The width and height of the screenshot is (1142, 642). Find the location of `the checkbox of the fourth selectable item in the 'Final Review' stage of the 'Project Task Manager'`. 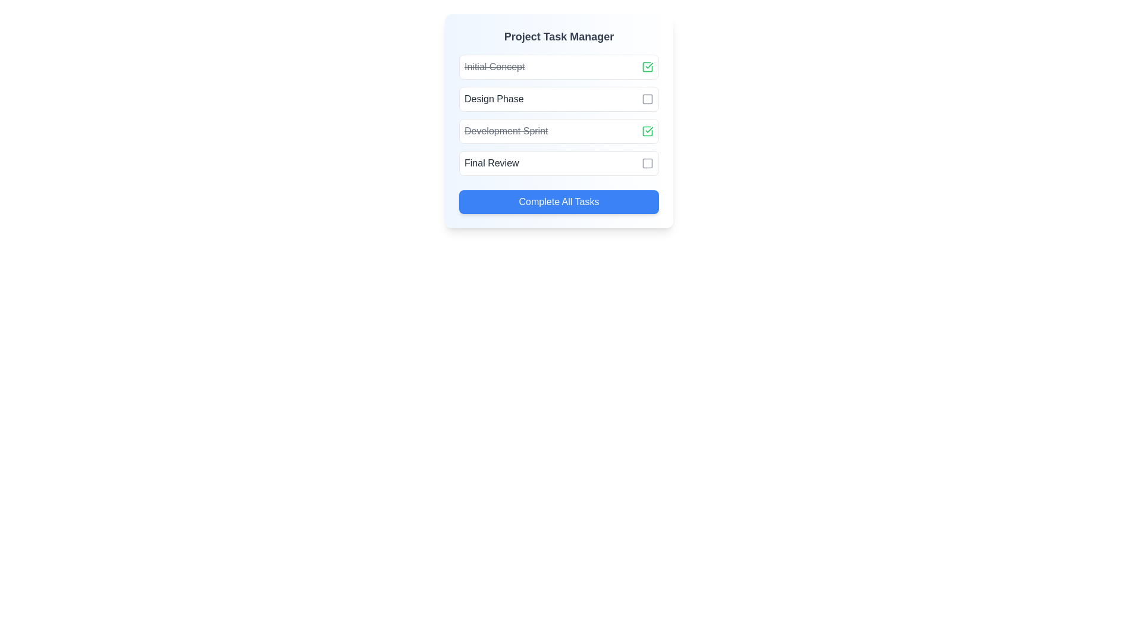

the checkbox of the fourth selectable item in the 'Final Review' stage of the 'Project Task Manager' is located at coordinates (559, 163).